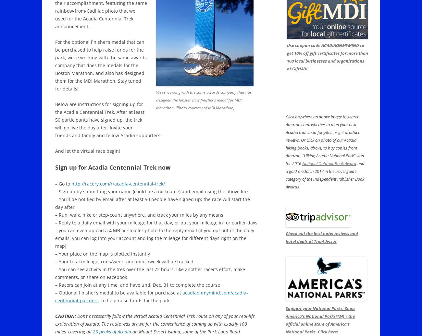  I want to click on ', to help raise funds for the park', so click(134, 300).